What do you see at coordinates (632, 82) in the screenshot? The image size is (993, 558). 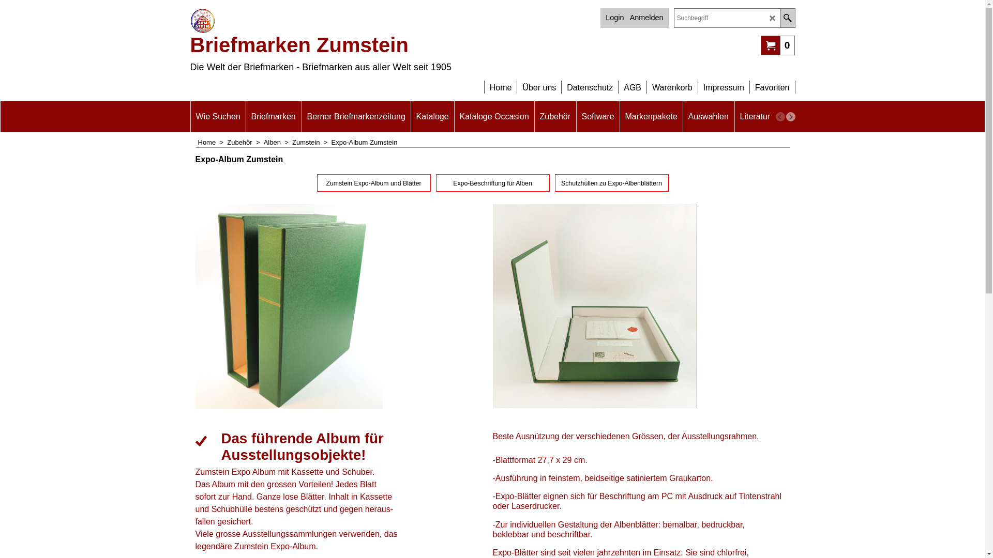 I see `'AGB'` at bounding box center [632, 82].